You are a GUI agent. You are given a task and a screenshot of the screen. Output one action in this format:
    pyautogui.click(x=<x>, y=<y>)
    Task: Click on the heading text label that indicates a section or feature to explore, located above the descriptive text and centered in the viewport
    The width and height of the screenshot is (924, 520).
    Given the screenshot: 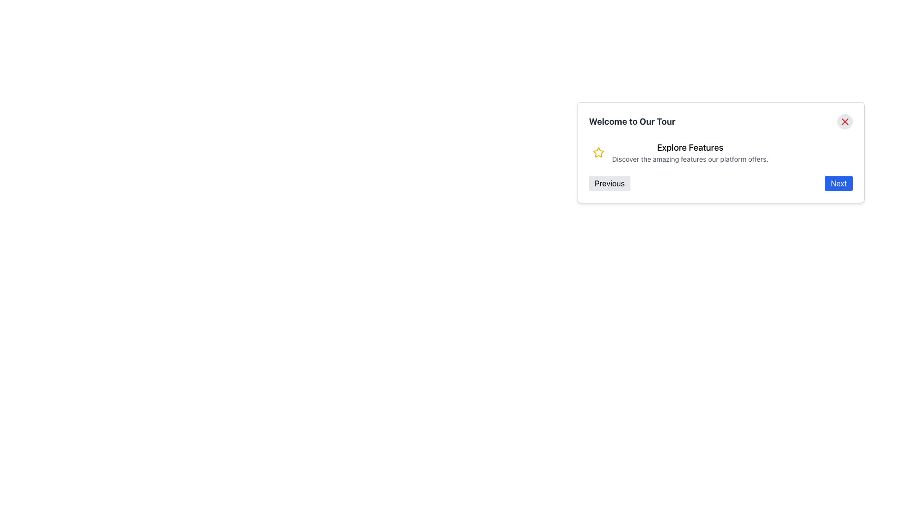 What is the action you would take?
    pyautogui.click(x=690, y=148)
    